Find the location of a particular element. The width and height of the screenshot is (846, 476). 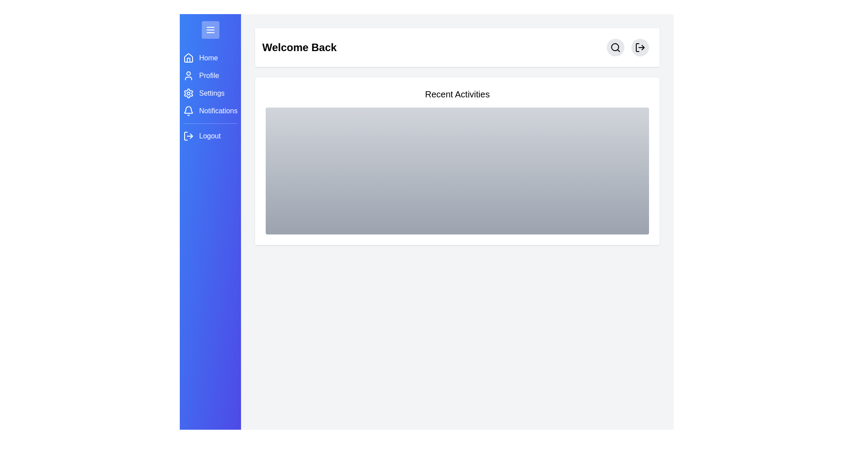

the house-shaped icon in the sidebar, located at the top-left of the interface is located at coordinates (188, 58).